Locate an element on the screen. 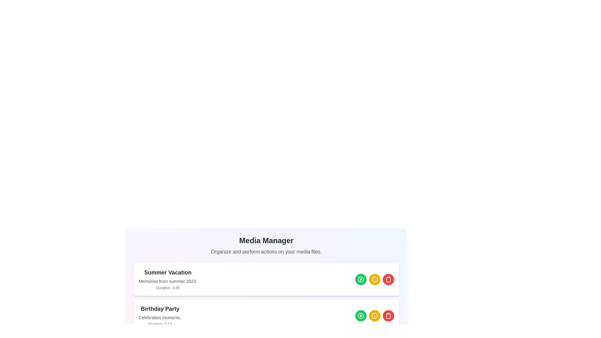  the delete button for the media item titled Birthday Party is located at coordinates (388, 316).